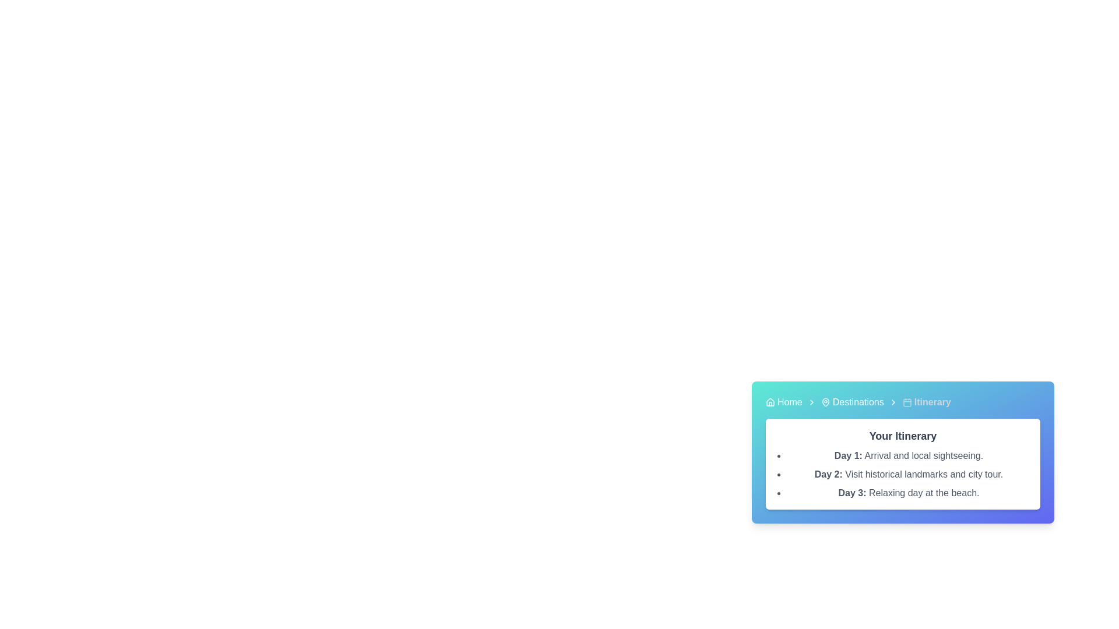  Describe the element at coordinates (908, 493) in the screenshot. I see `text element that displays 'Day 3: Relaxing day at the beach.' which is part of the bulleted itinerary list under the heading 'Your Itinerary.'` at that location.